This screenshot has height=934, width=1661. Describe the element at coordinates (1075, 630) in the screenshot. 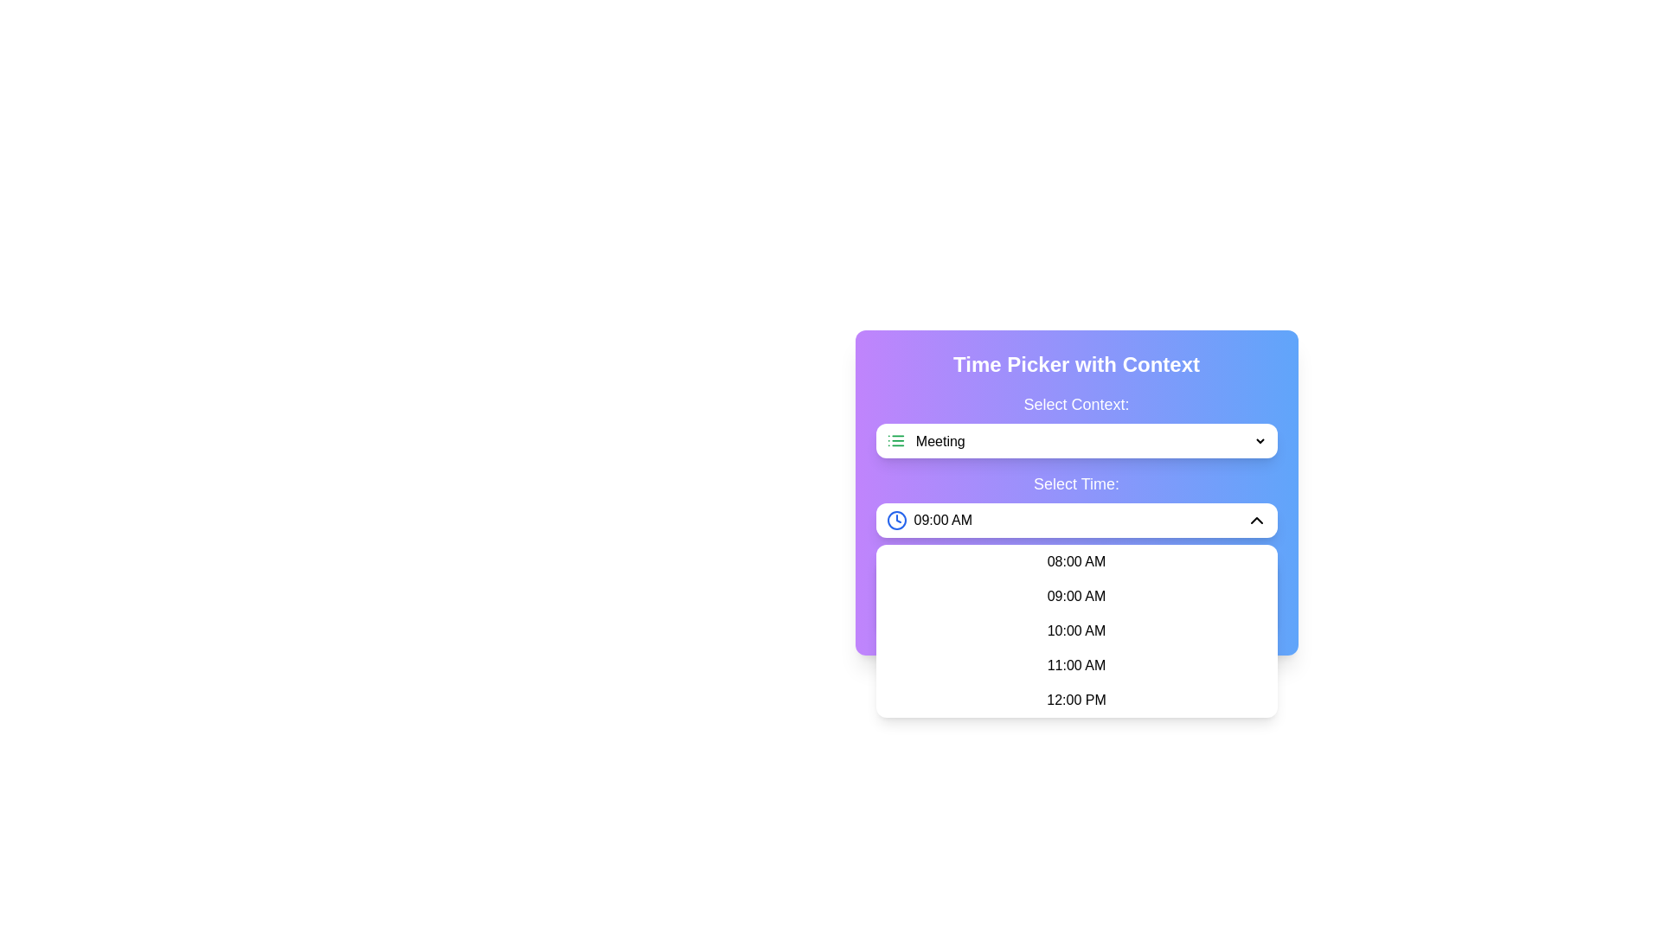

I see `the selectable list item displaying '10:00 AM'` at that location.